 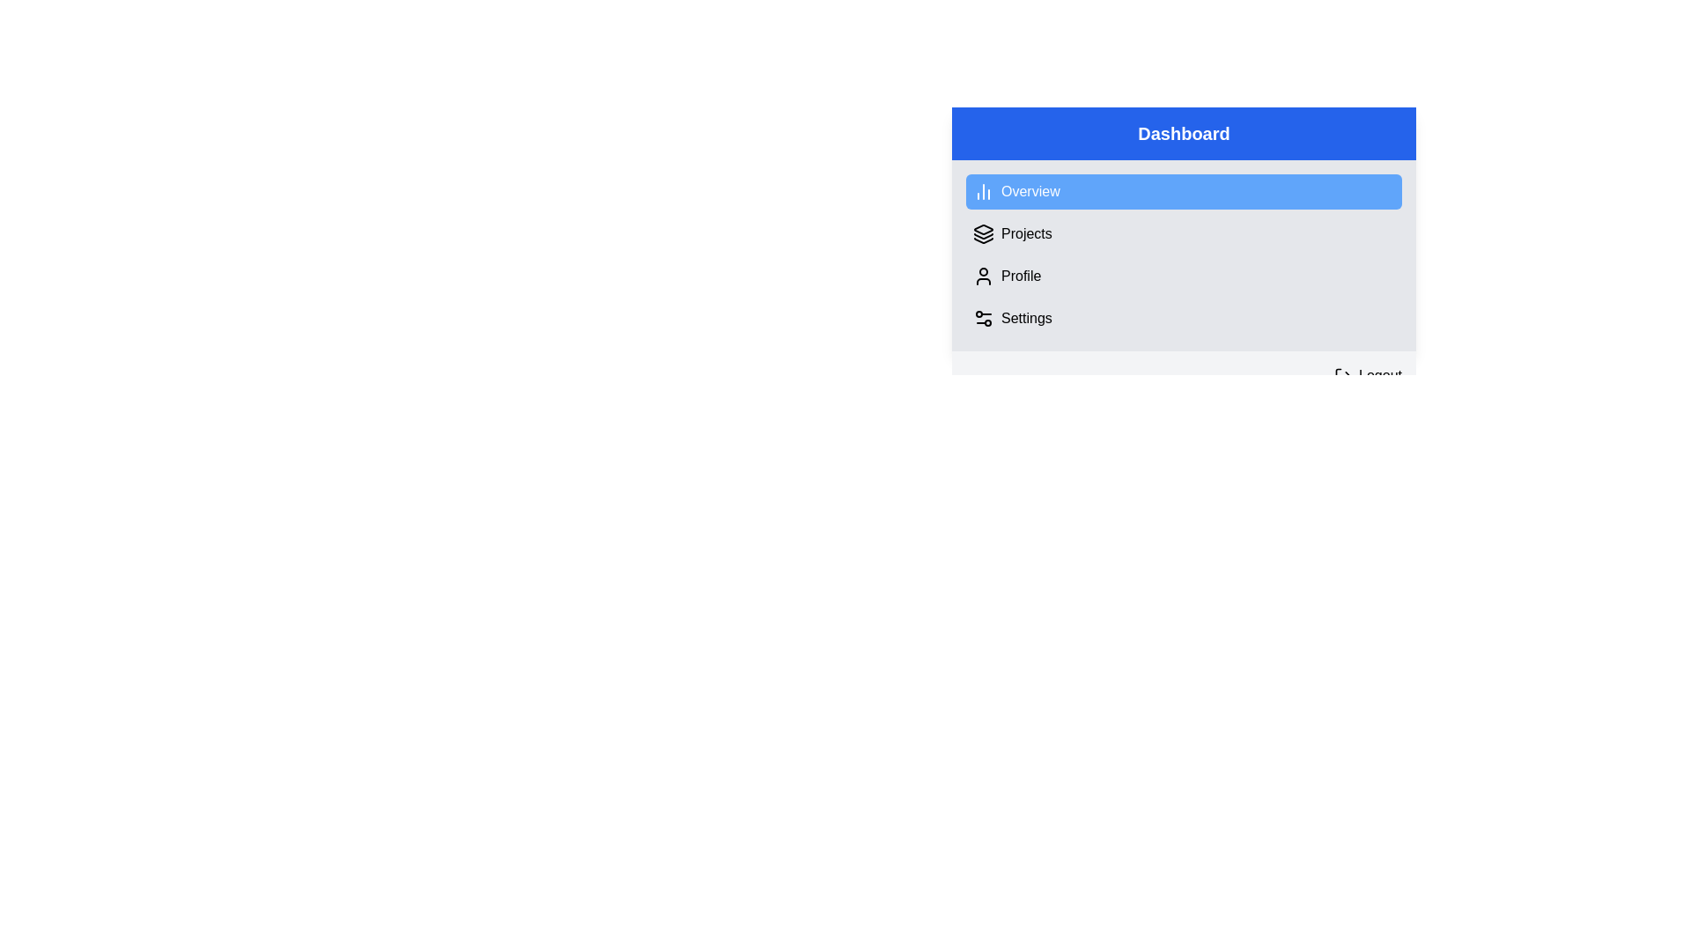 I want to click on the 'Logout' button located at the bottom-right corner of the vertical panel to log out, so click(x=1367, y=375).